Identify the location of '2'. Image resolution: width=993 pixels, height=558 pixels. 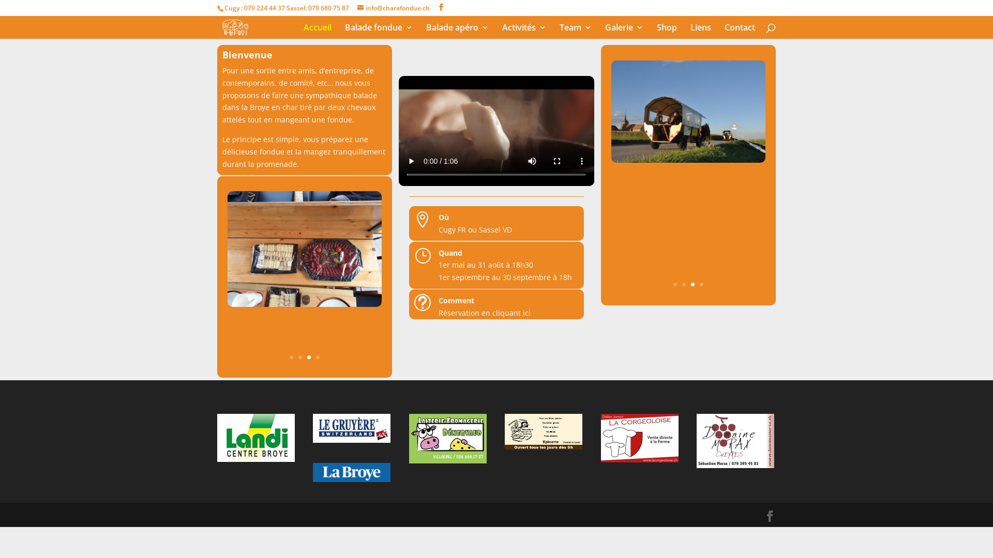
(299, 357).